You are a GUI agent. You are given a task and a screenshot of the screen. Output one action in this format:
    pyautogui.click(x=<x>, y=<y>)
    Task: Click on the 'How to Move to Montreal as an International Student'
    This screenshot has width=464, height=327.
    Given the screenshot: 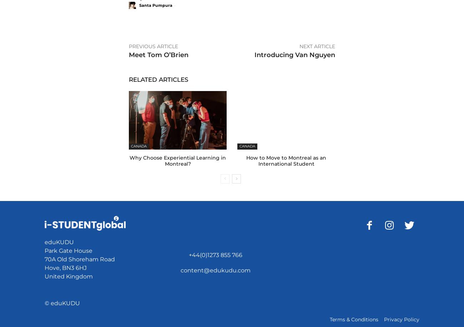 What is the action you would take?
    pyautogui.click(x=286, y=160)
    